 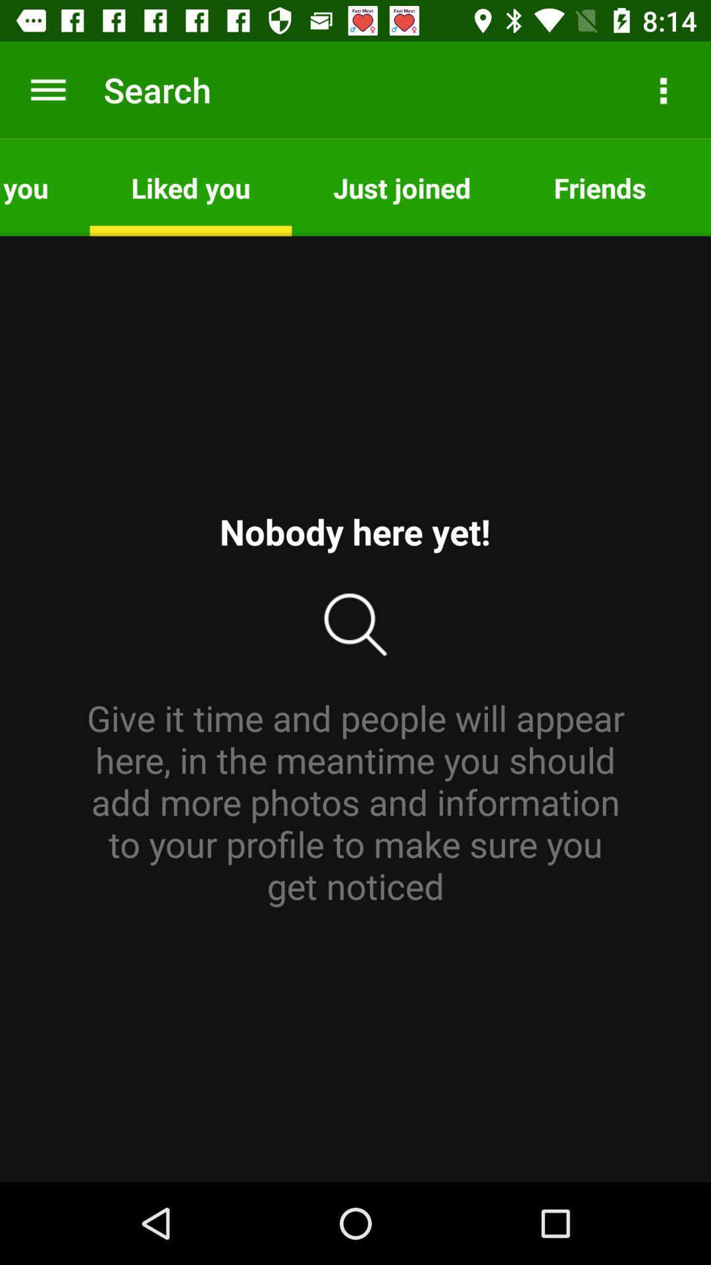 I want to click on item next to the just joined, so click(x=600, y=186).